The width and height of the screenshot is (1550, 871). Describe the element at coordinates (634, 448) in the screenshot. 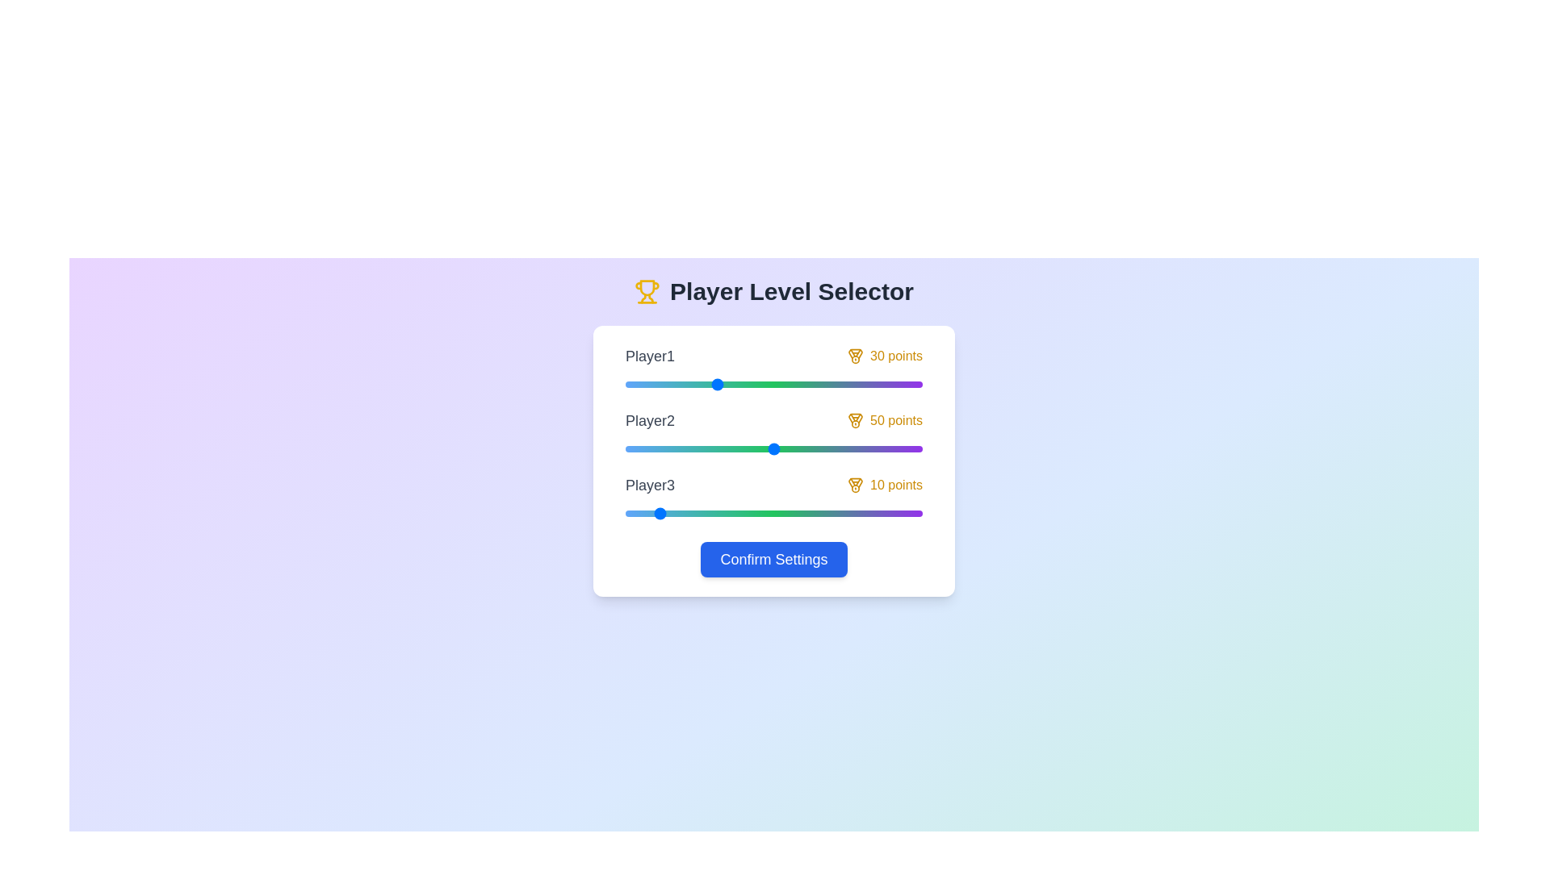

I see `the Player2 slider to set their level to 3` at that location.